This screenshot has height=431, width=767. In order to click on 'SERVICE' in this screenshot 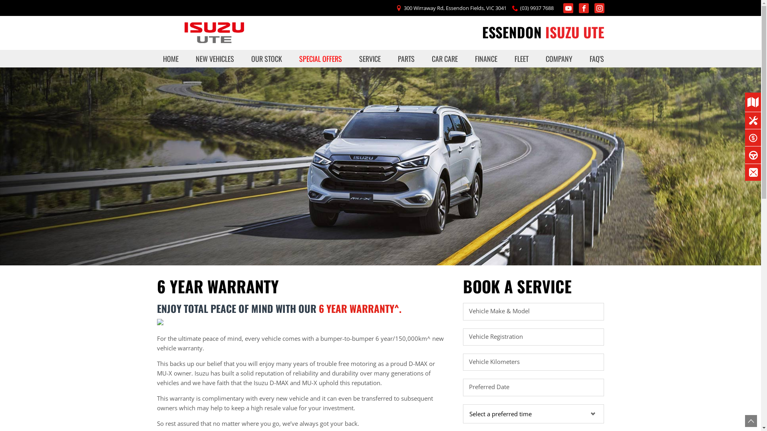, I will do `click(352, 58)`.